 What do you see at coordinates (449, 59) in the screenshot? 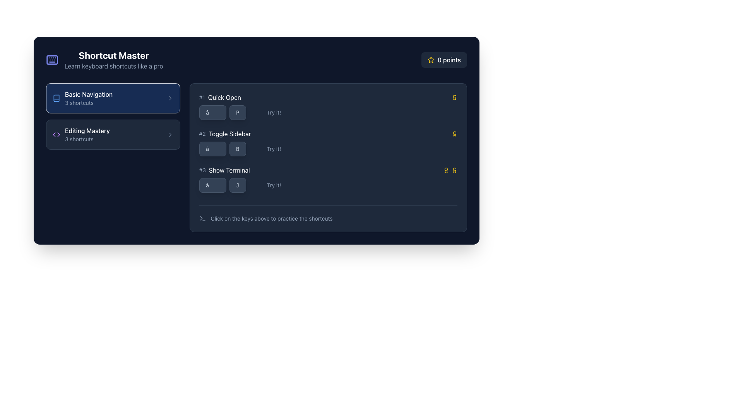
I see `the text label displaying the user's current score, located in the top-right corner of a dark-colored card-like section, to the right of a yellow star icon` at bounding box center [449, 59].